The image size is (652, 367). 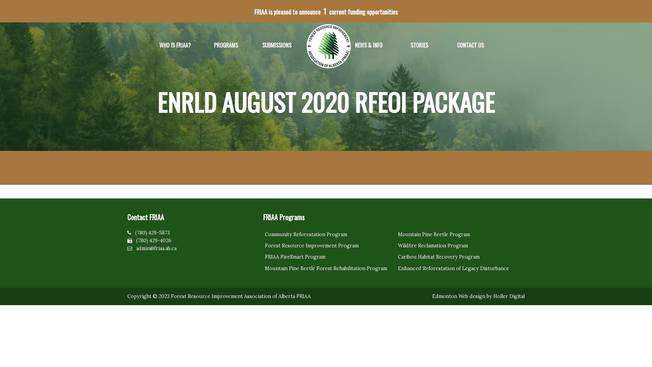 I want to click on 'STORIES', so click(x=419, y=46).